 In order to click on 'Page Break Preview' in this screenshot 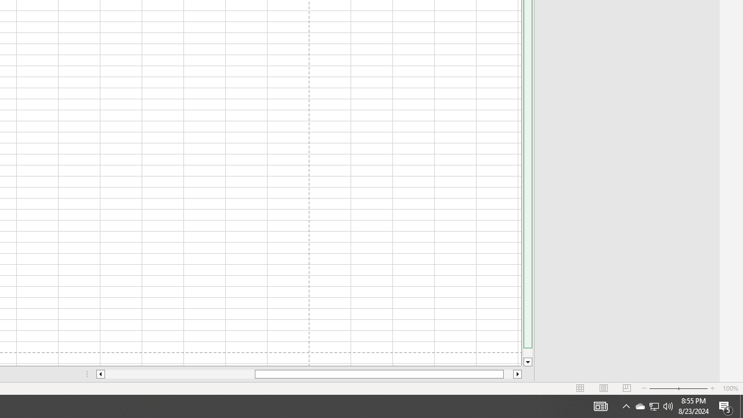, I will do `click(626, 388)`.